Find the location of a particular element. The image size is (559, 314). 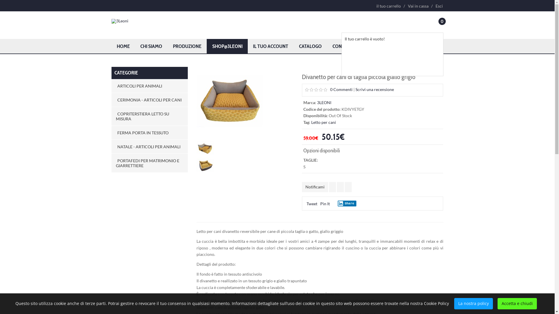

'COPRITERSTIERA LETTO SU MISURA' is located at coordinates (149, 116).